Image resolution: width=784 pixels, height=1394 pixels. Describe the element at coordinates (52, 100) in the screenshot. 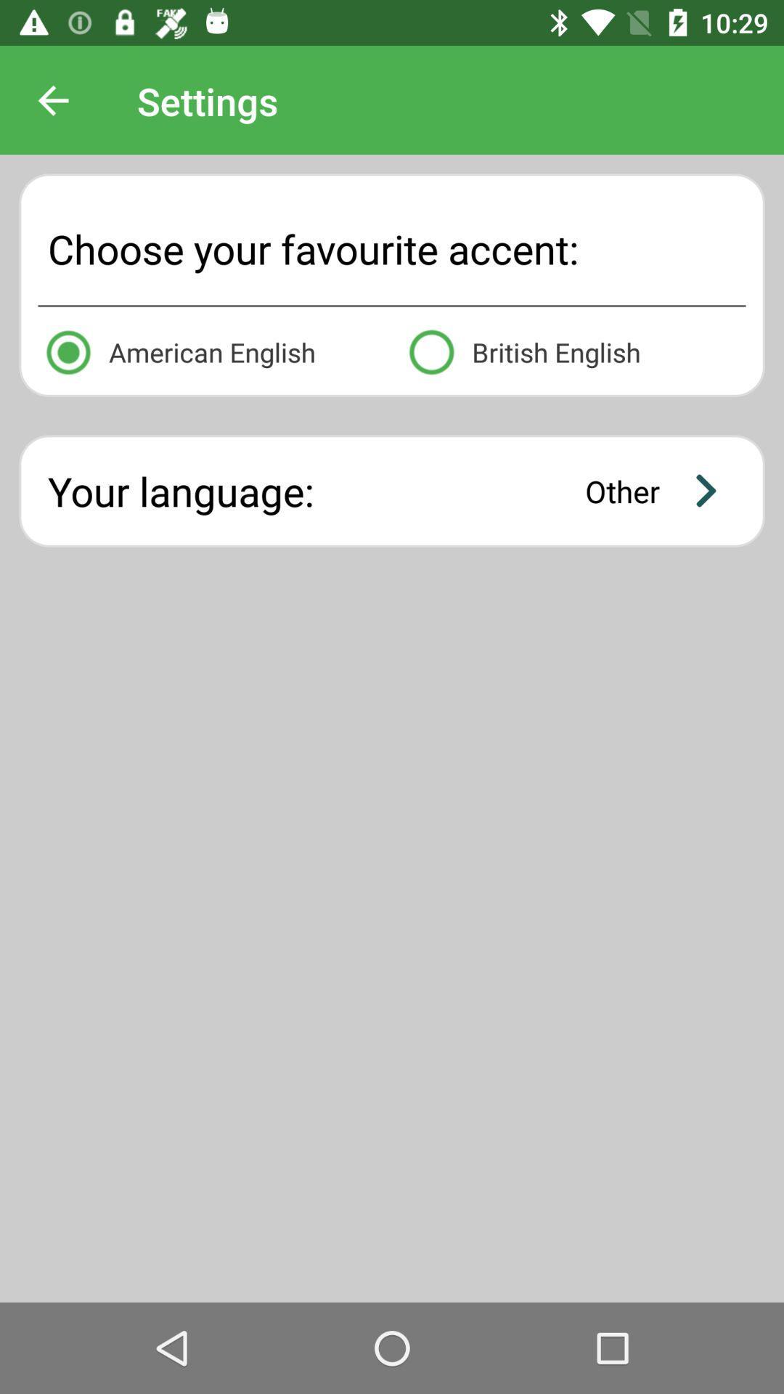

I see `icon next to the settings` at that location.